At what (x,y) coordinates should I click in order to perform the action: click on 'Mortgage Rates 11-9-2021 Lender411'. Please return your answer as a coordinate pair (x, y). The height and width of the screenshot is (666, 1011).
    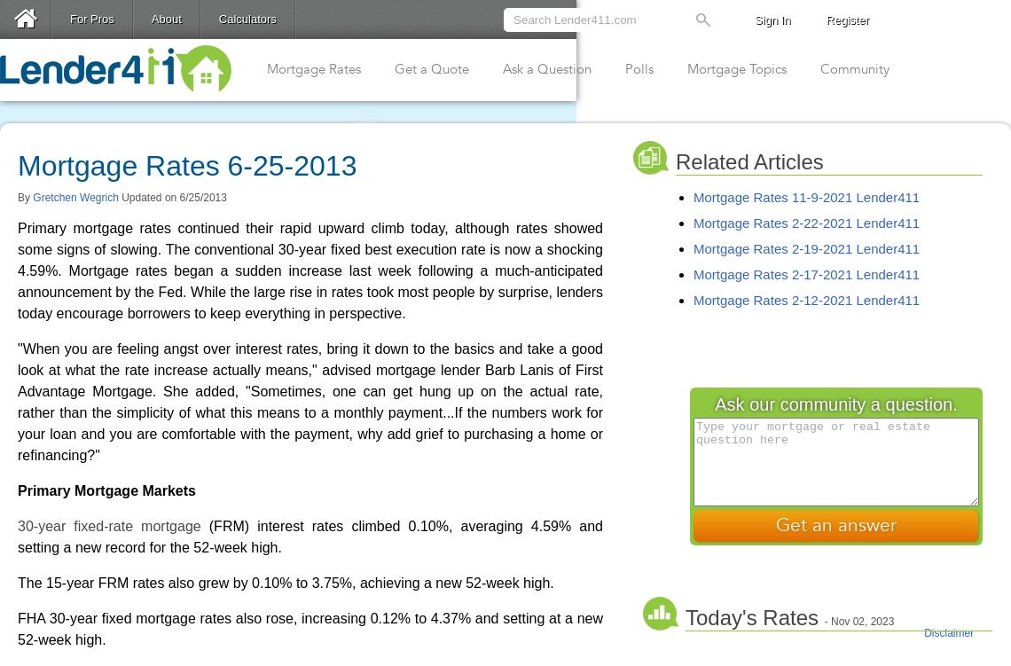
    Looking at the image, I should click on (806, 197).